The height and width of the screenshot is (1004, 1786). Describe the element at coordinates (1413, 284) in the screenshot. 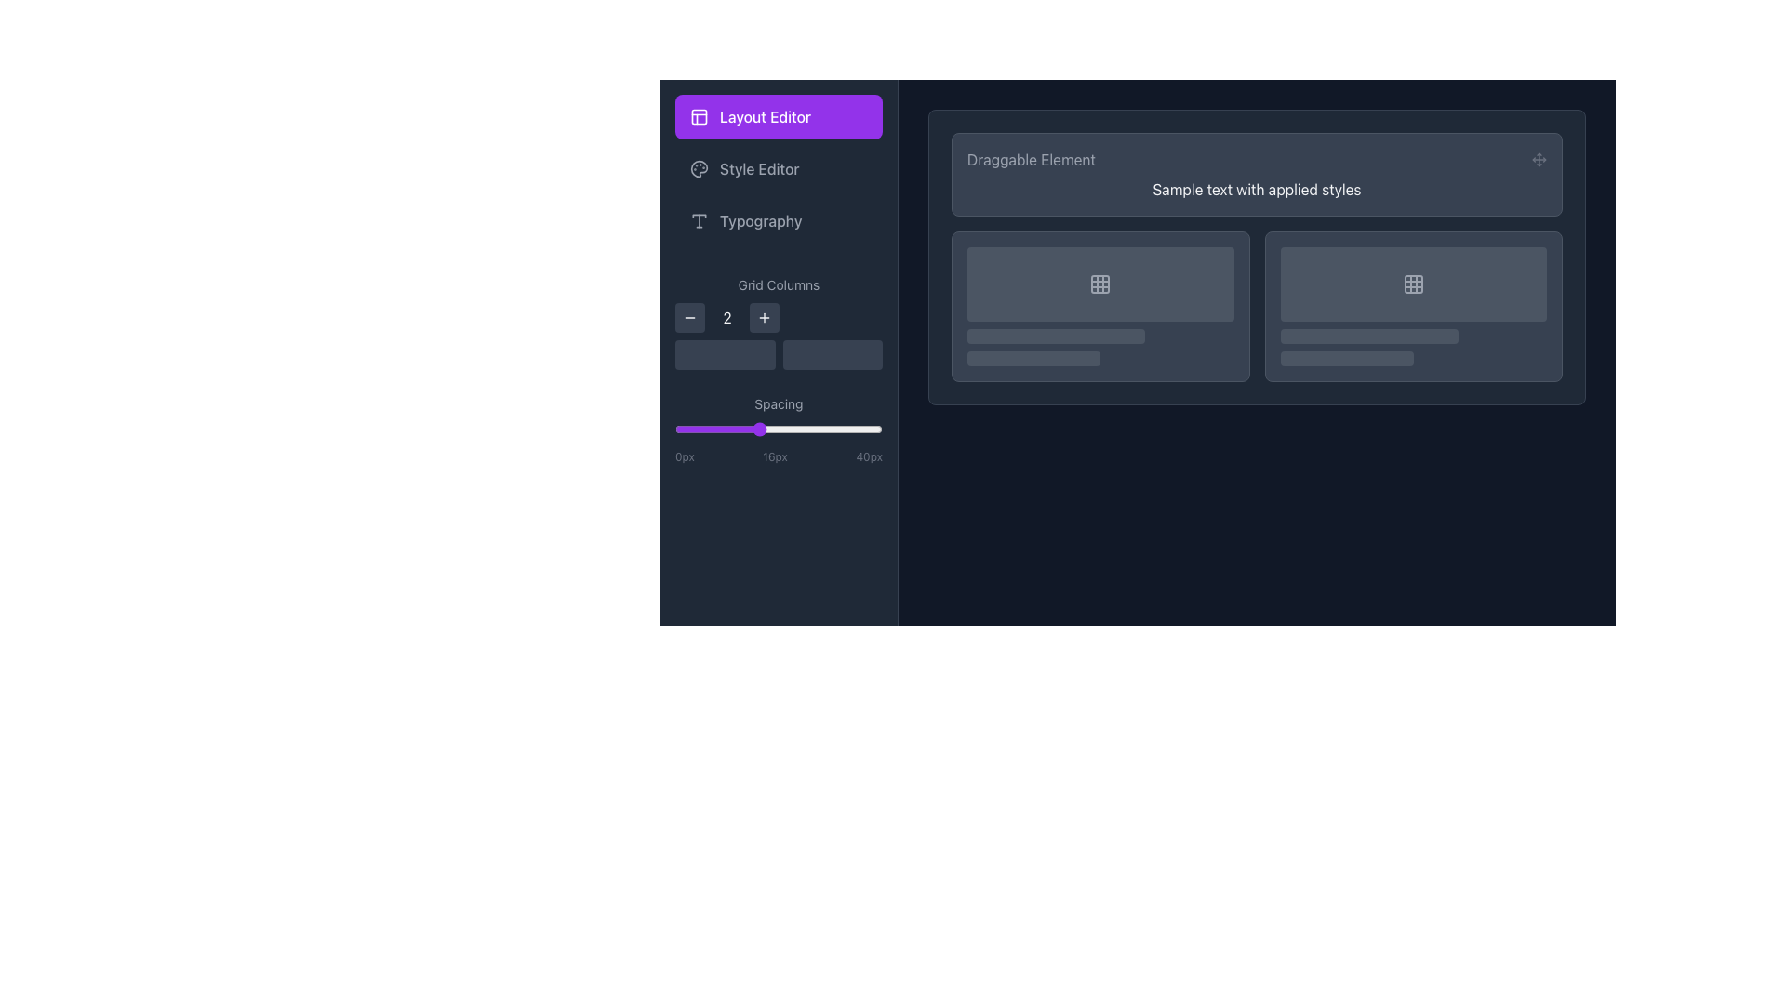

I see `the central square with rounded corners located in the middle of a 3x3 grid icon on the right side of its containing group` at that location.